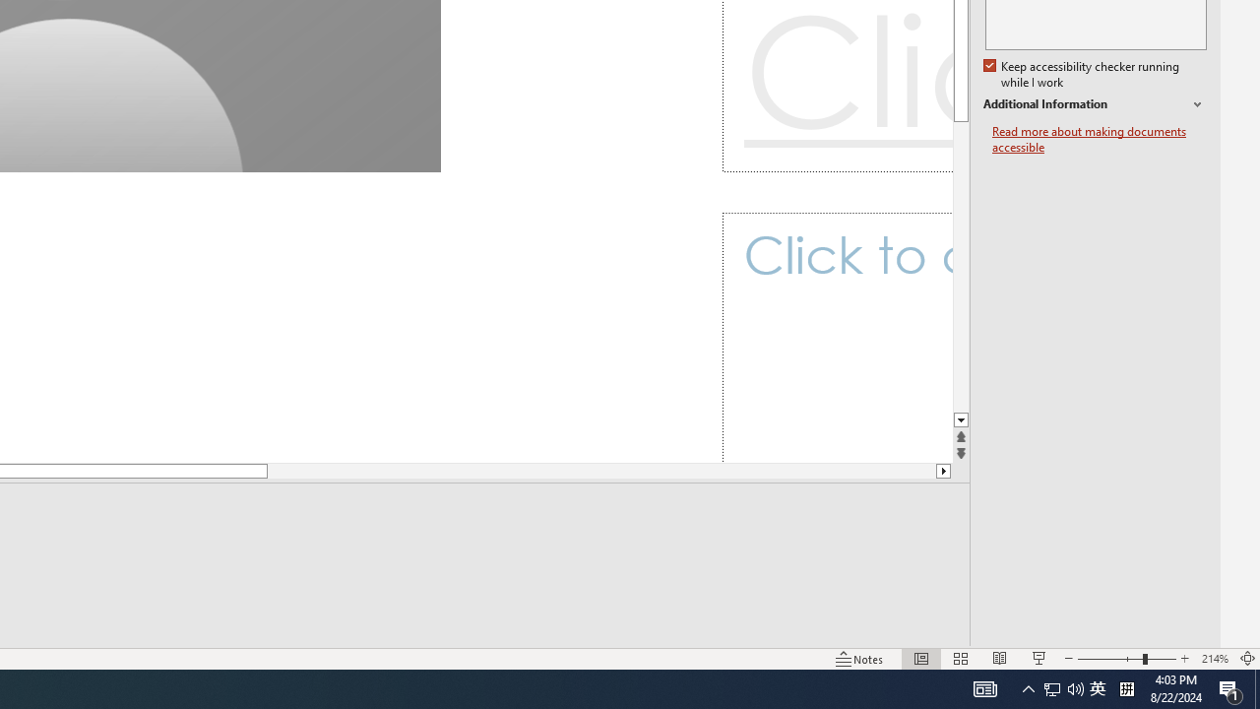 The height and width of the screenshot is (709, 1260). I want to click on 'Keep accessibility checker running while I work', so click(1082, 74).